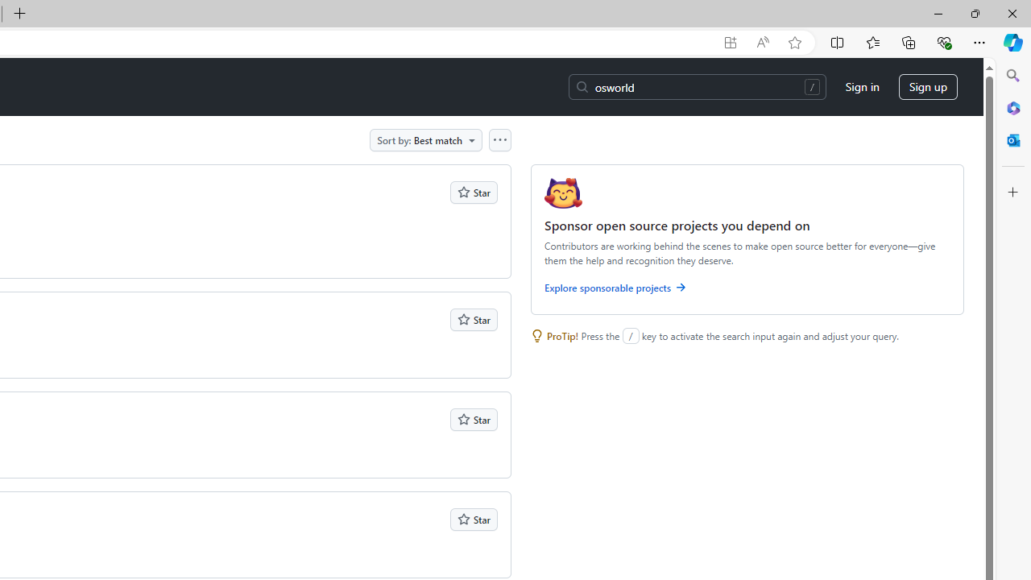 The height and width of the screenshot is (580, 1031). Describe the element at coordinates (943, 41) in the screenshot. I see `'Browser essentials'` at that location.